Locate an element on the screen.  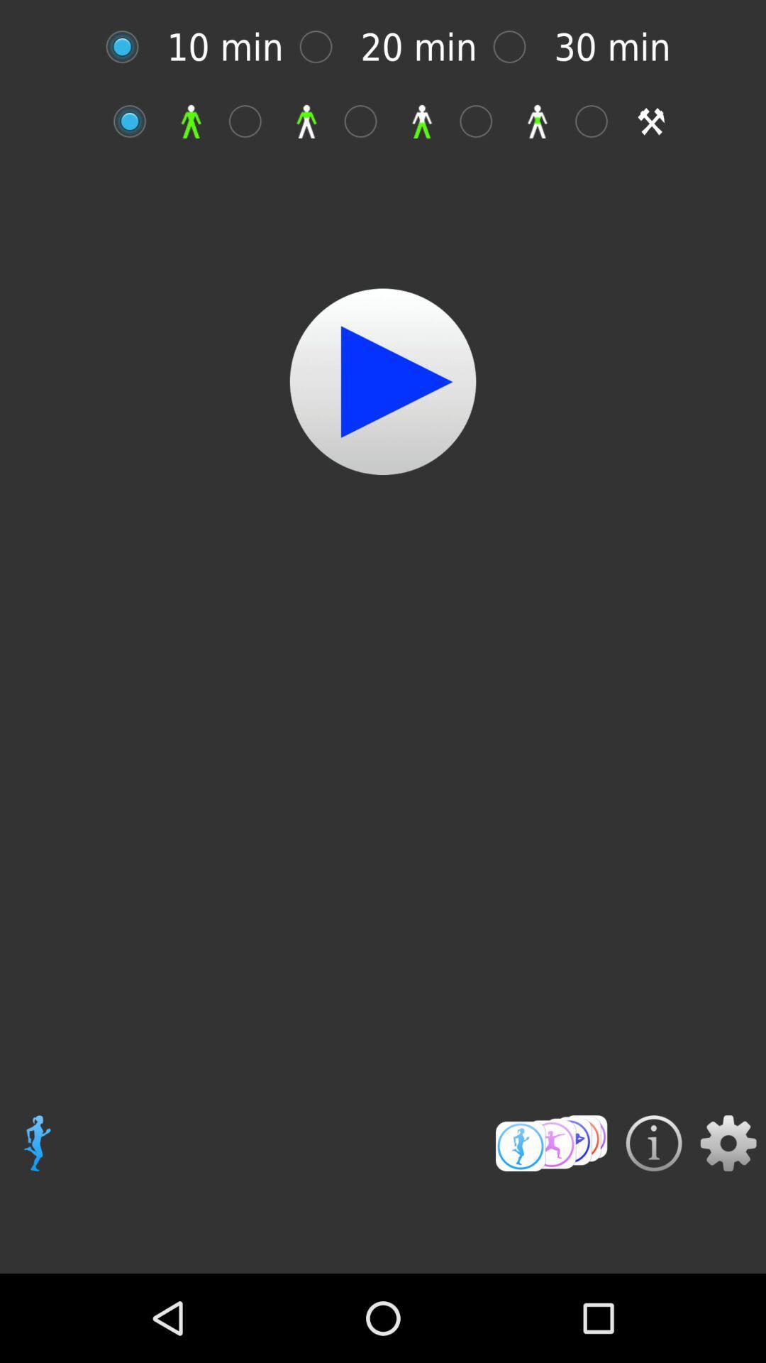
length is located at coordinates (129, 47).